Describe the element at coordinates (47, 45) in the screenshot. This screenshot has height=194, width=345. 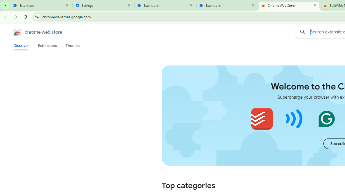
I see `'Extensions'` at that location.